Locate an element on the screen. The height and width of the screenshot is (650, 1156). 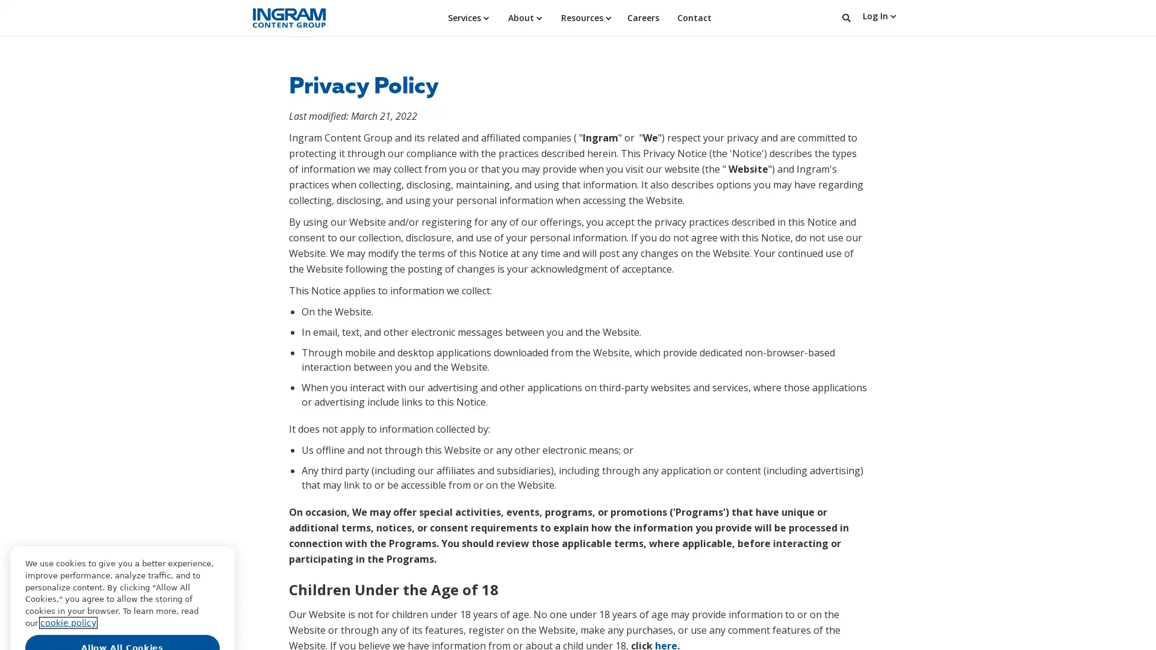
Allow All Cookies is located at coordinates (122, 591).